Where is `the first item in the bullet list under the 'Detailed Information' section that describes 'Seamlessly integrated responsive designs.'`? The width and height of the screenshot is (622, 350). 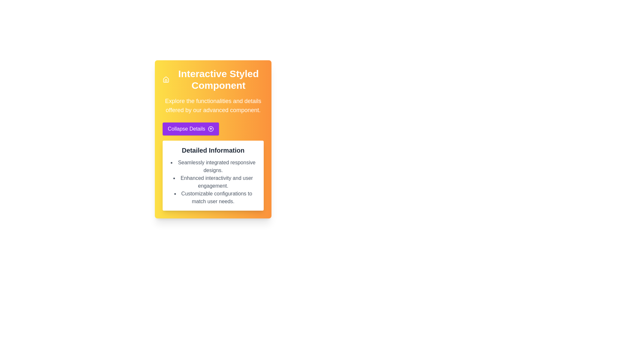 the first item in the bullet list under the 'Detailed Information' section that describes 'Seamlessly integrated responsive designs.' is located at coordinates (213, 166).